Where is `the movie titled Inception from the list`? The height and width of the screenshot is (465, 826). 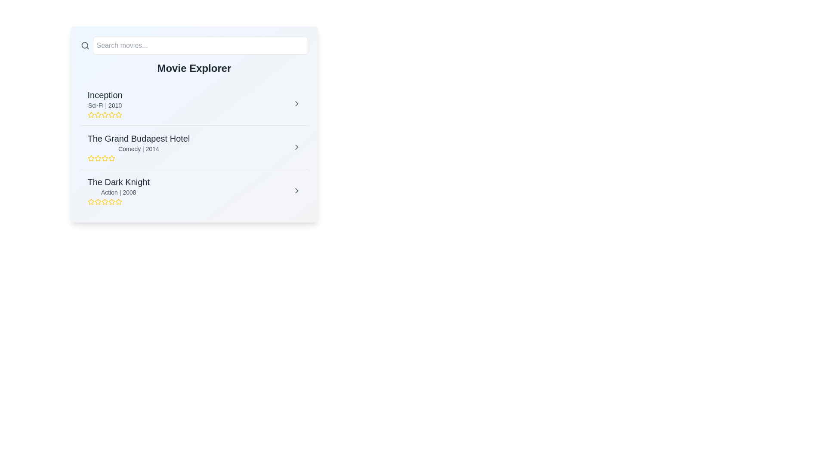
the movie titled Inception from the list is located at coordinates (296, 103).